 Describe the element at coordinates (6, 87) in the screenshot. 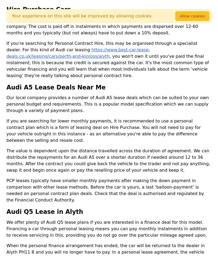

I see `'Audi A5 Lease Deals Near Me'` at that location.